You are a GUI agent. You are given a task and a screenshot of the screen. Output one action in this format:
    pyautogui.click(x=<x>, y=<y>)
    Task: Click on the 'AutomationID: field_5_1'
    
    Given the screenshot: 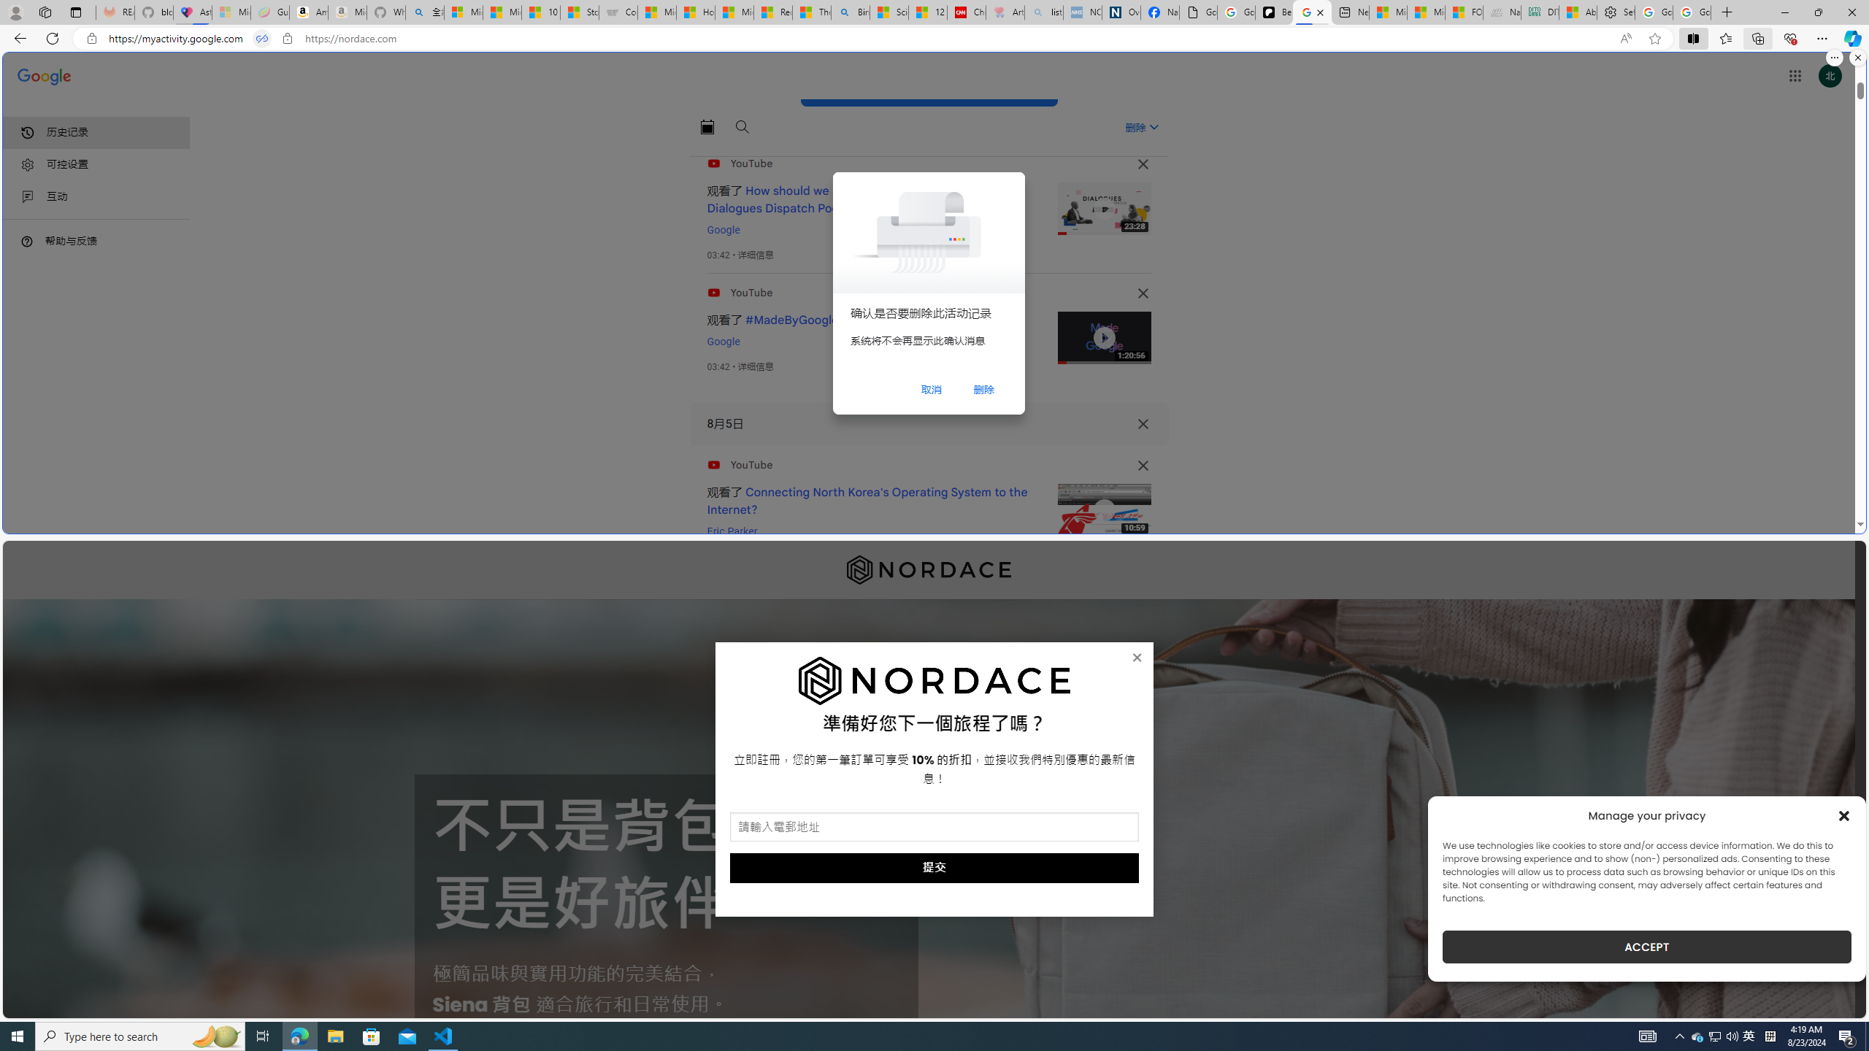 What is the action you would take?
    pyautogui.click(x=934, y=828)
    